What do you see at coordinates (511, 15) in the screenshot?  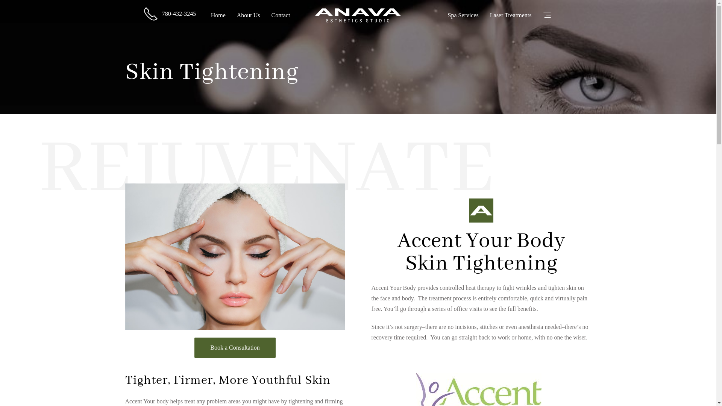 I see `'Laser Treatments'` at bounding box center [511, 15].